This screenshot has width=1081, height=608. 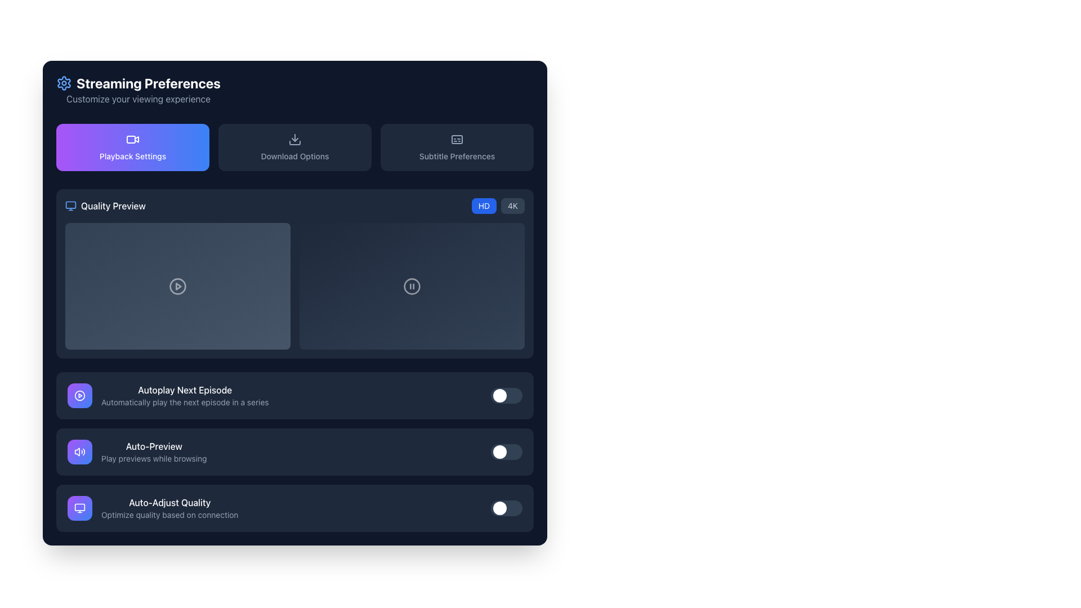 What do you see at coordinates (294, 508) in the screenshot?
I see `the toggle switch for the 'Auto-Adjust Quality' feature` at bounding box center [294, 508].